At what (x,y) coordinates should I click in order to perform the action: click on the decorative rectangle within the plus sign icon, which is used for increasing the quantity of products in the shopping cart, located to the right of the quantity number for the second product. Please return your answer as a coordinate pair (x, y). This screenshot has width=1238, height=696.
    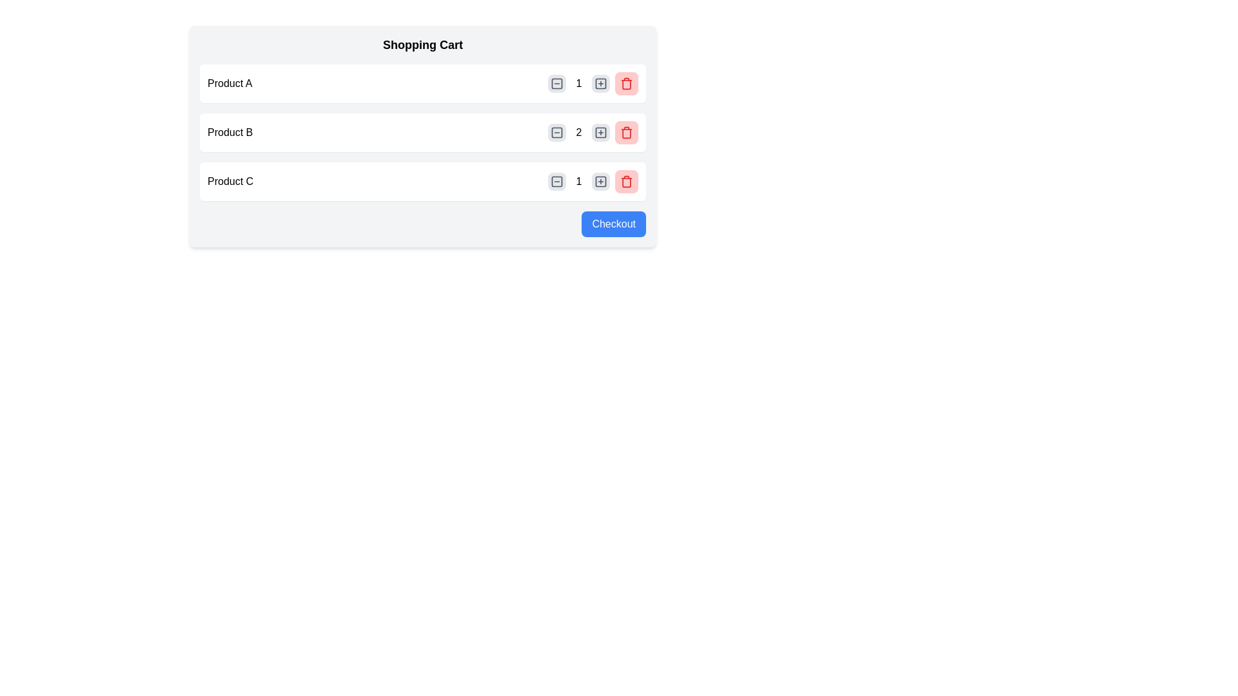
    Looking at the image, I should click on (600, 84).